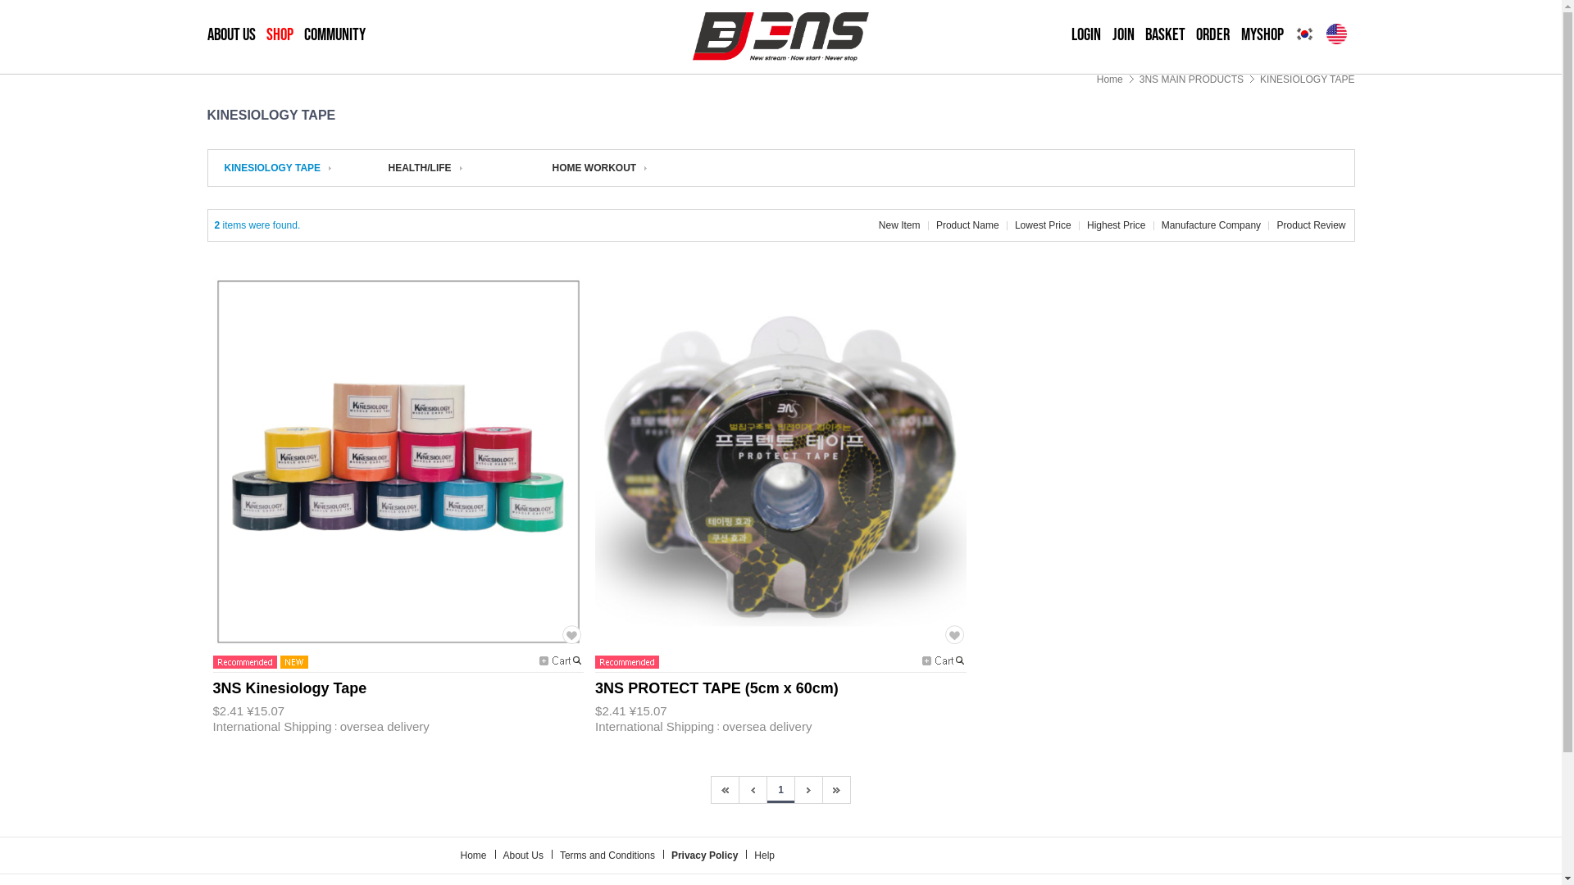  I want to click on 'ABOUT US', so click(230, 34).